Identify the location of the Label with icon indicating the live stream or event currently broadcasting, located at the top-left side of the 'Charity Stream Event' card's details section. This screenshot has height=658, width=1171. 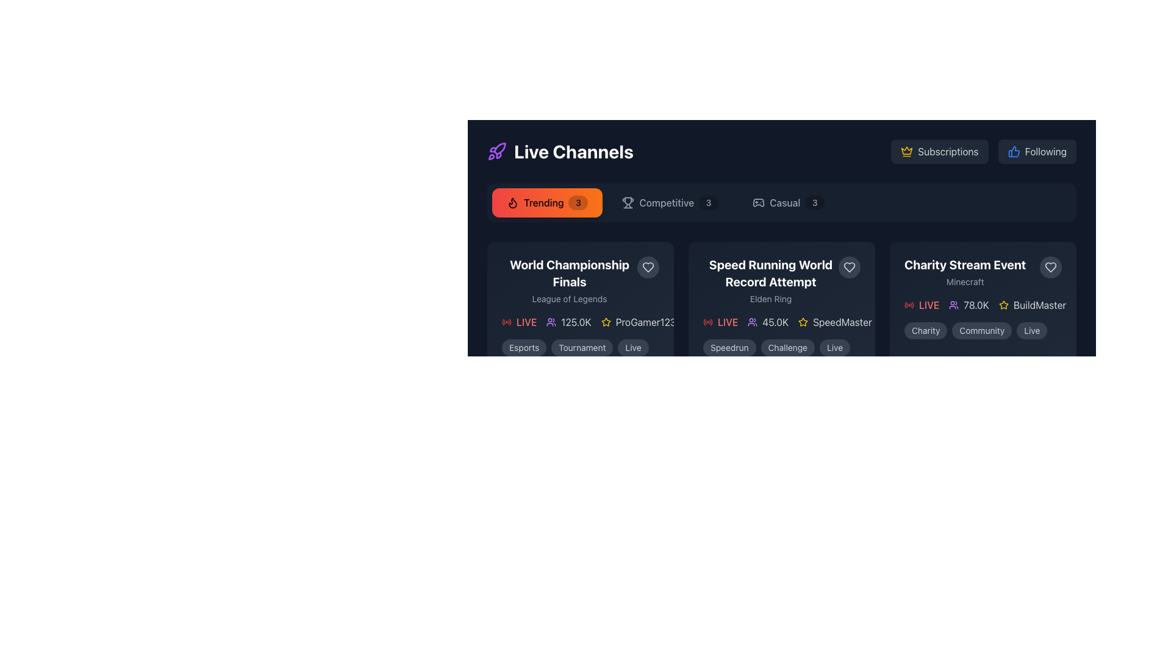
(922, 305).